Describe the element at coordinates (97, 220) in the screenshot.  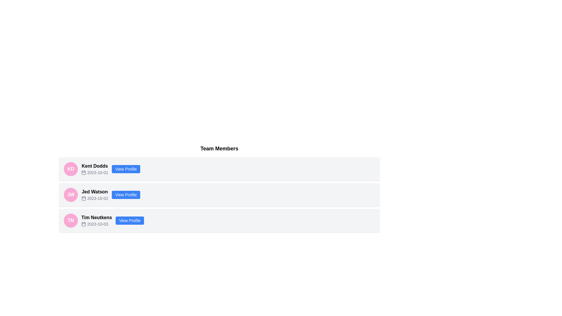
I see `text content 'Tim Neutkens' and '2023-10-03' from the text element that includes a calendar icon, located below the circular icon with initials 'TN'` at that location.